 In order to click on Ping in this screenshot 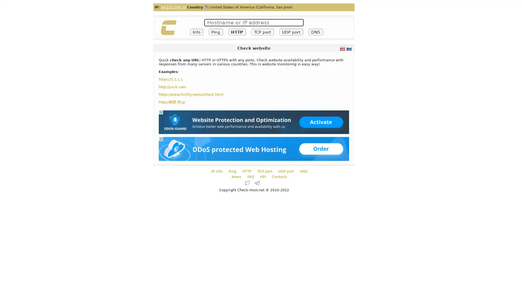, I will do `click(215, 32)`.